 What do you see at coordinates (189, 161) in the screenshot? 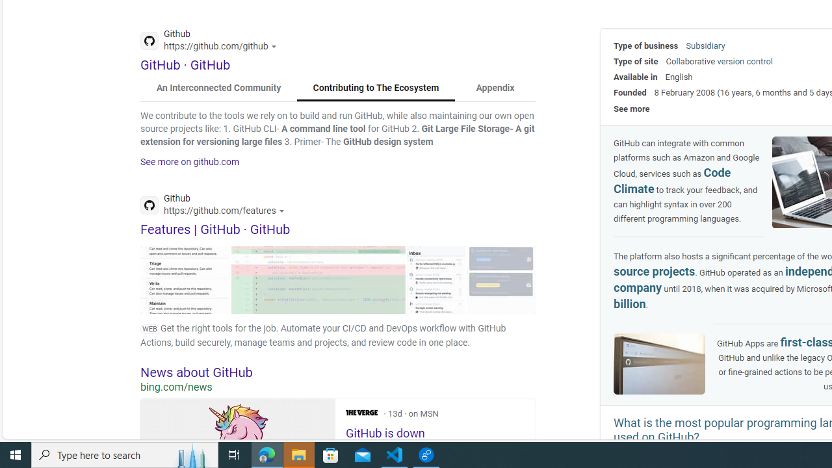
I see `'See more on github.com'` at bounding box center [189, 161].